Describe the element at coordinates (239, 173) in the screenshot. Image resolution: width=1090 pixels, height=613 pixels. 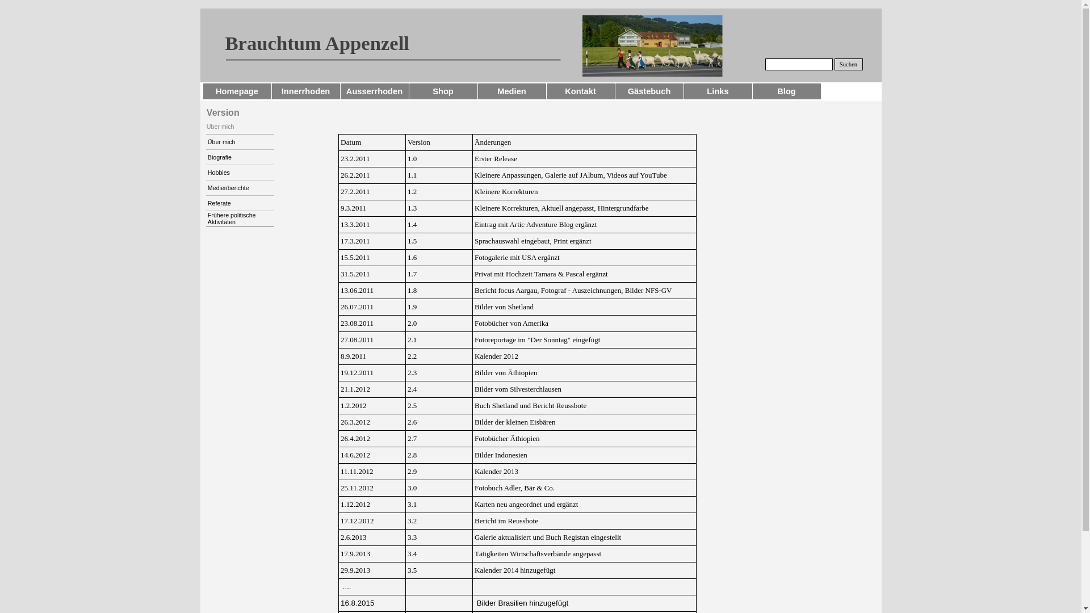
I see `'Hobbies'` at that location.